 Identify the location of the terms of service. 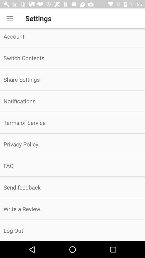
(73, 123).